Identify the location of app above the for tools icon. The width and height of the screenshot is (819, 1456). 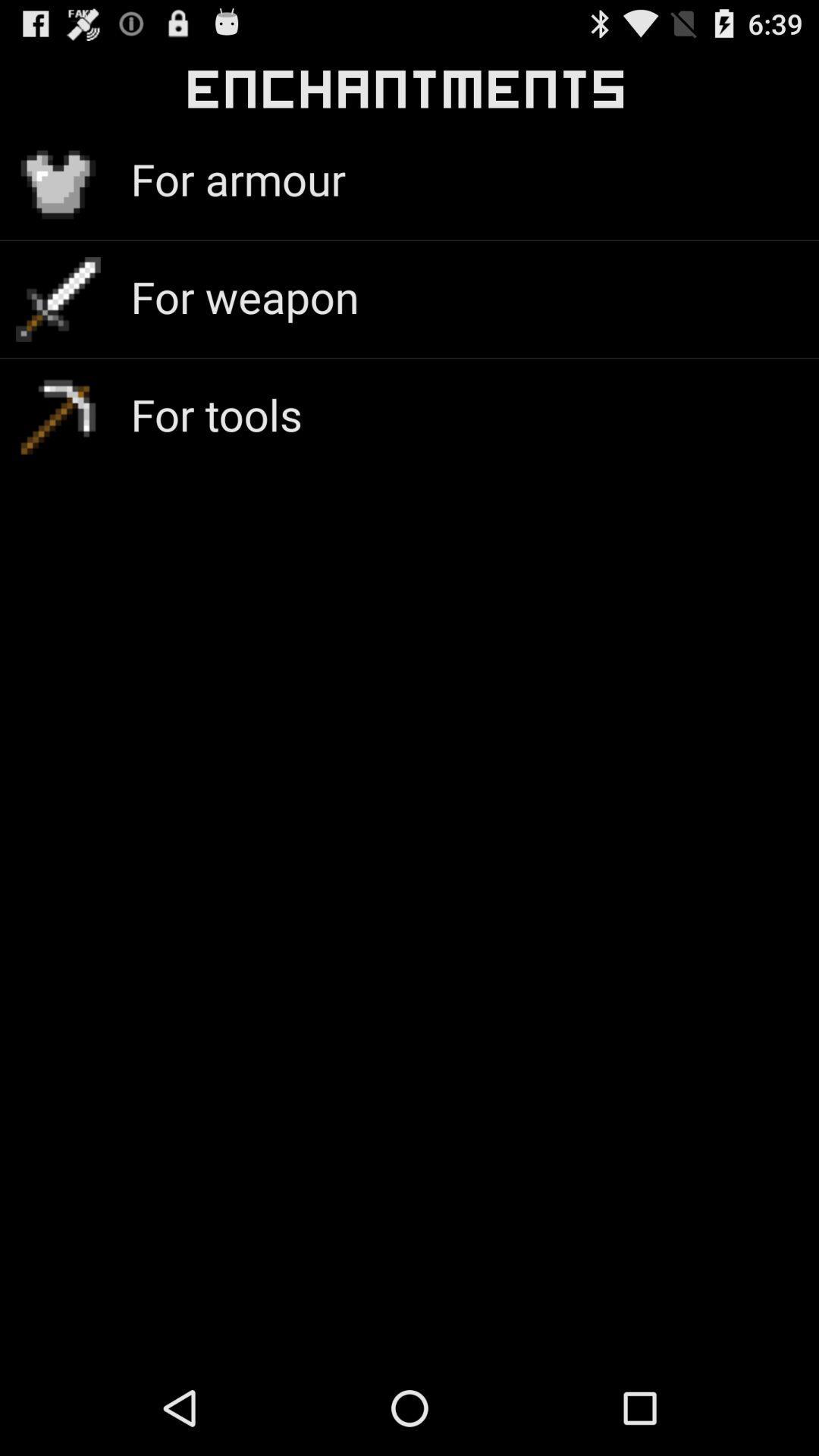
(243, 297).